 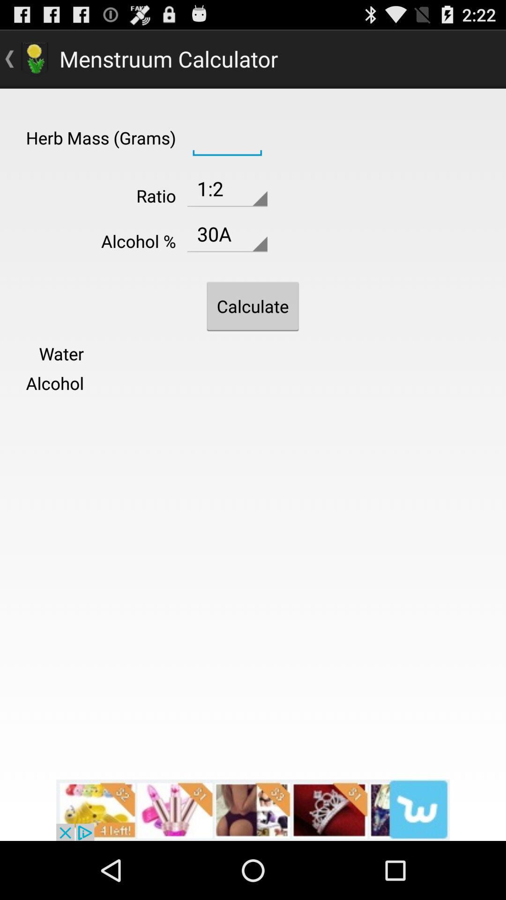 What do you see at coordinates (253, 810) in the screenshot?
I see `advertisements` at bounding box center [253, 810].